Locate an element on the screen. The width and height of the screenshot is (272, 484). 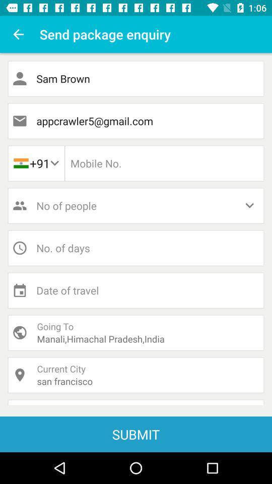
item below the sam brown is located at coordinates (136, 121).